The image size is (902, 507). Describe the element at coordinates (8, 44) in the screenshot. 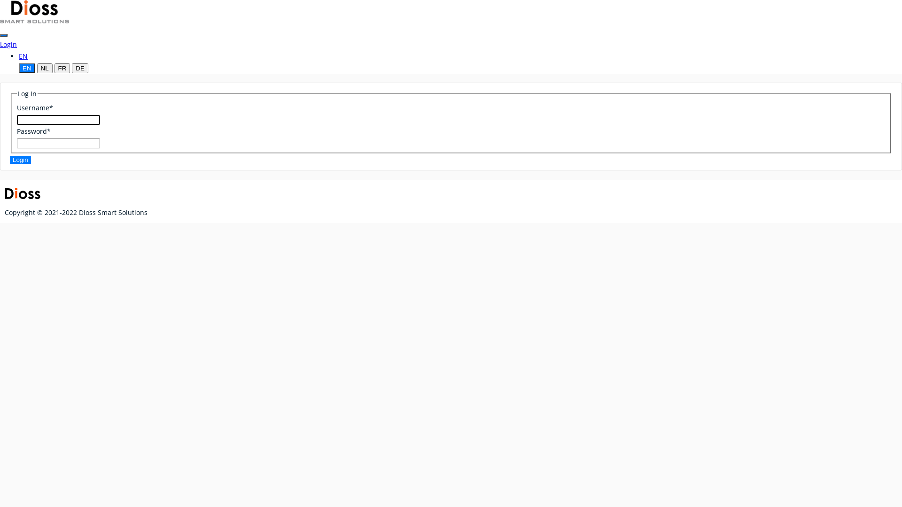

I see `'Login'` at that location.